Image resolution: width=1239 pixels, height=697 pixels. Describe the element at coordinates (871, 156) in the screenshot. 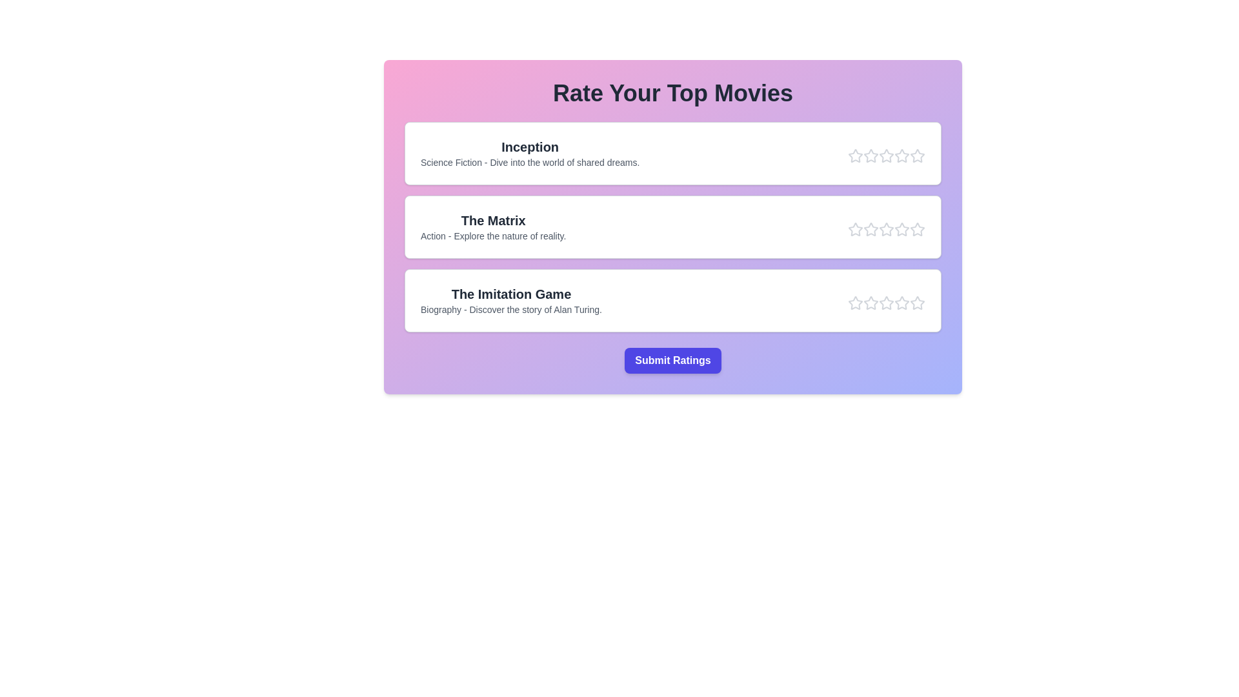

I see `the star corresponding to the rating 2 for the movie Inception` at that location.